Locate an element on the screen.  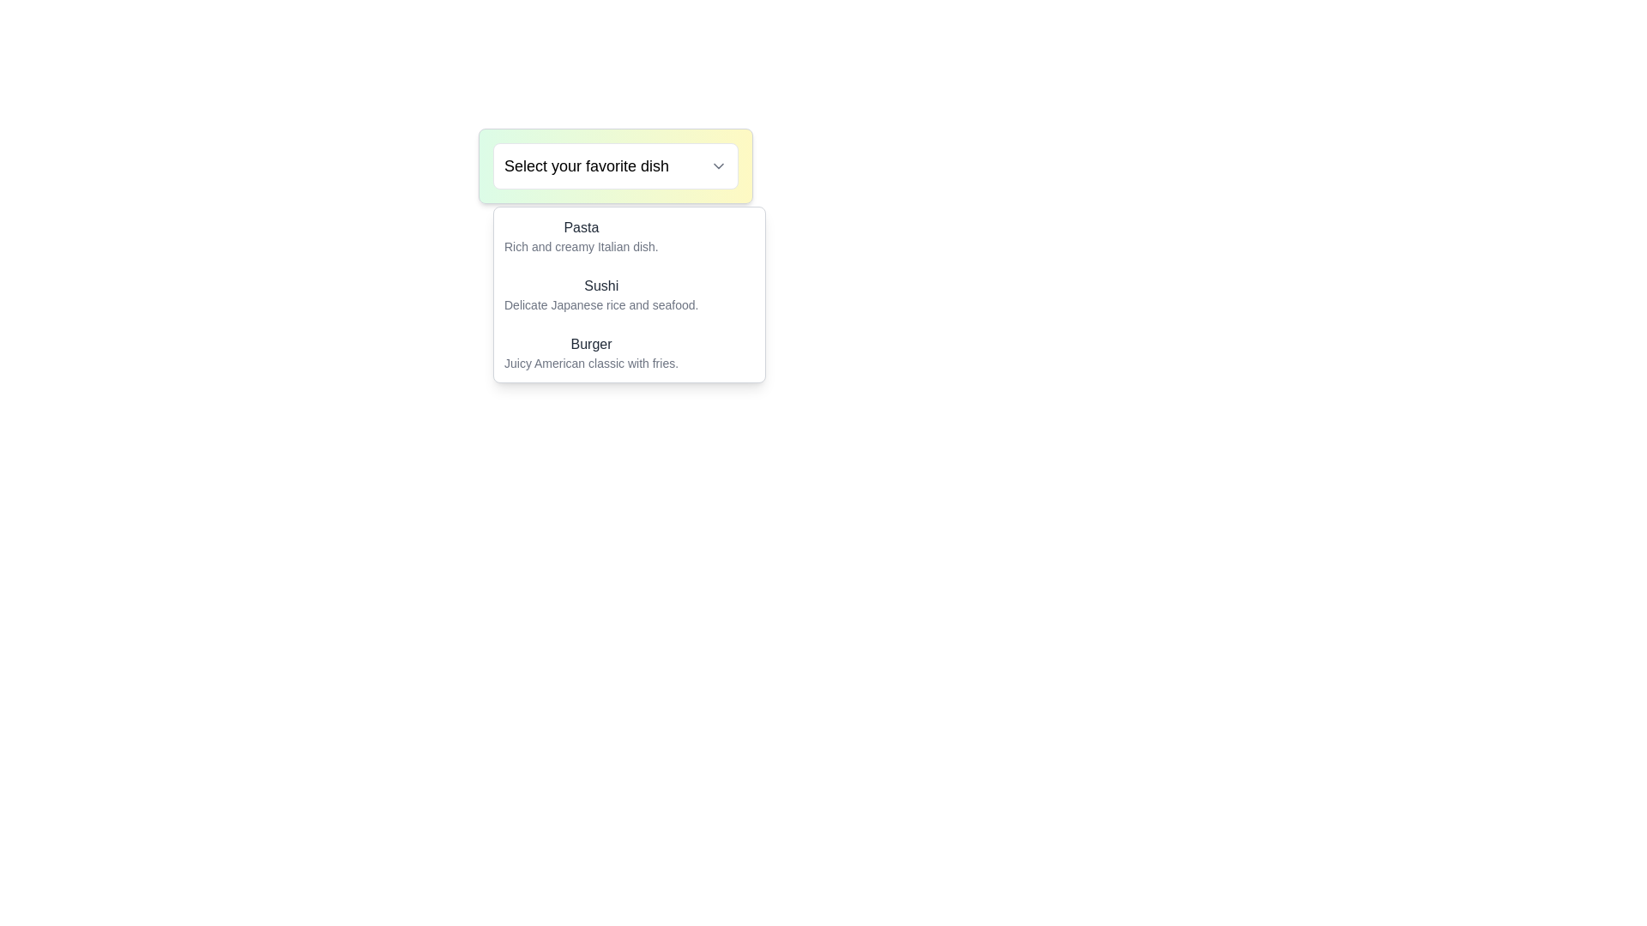
the dropdown trigger with the text 'Select your favorite dish' is located at coordinates (616, 165).